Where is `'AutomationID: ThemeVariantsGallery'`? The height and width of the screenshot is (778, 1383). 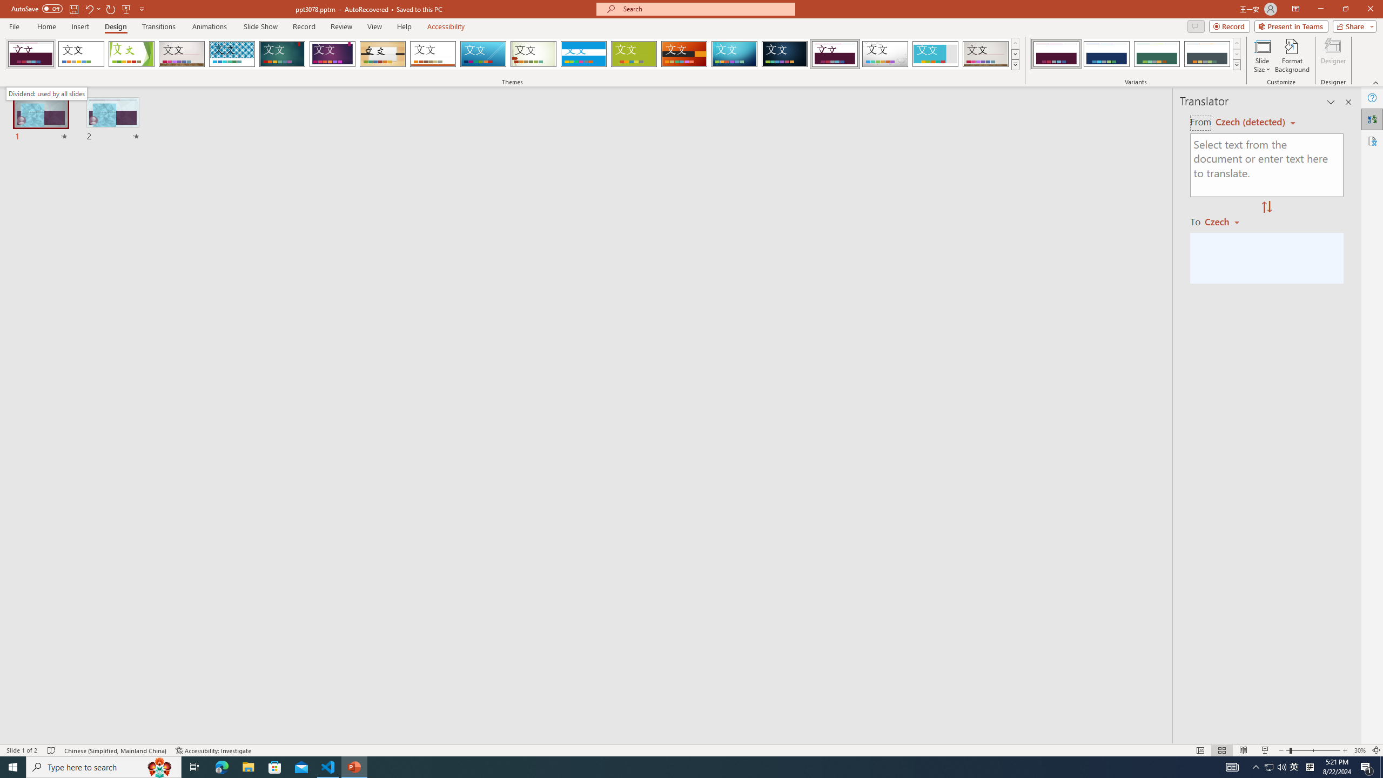
'AutomationID: ThemeVariantsGallery' is located at coordinates (1136, 53).